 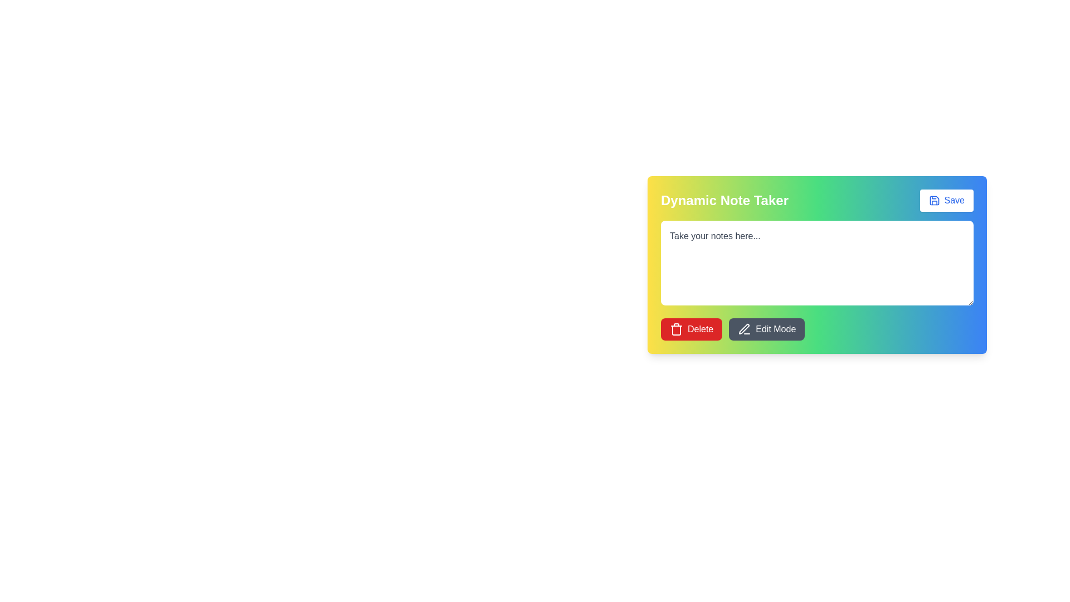 What do you see at coordinates (745, 328) in the screenshot?
I see `the pen icon within the 'Edit Mode' button, which is the leftmost item next to the 'Delete' button in the note-taking interface` at bounding box center [745, 328].